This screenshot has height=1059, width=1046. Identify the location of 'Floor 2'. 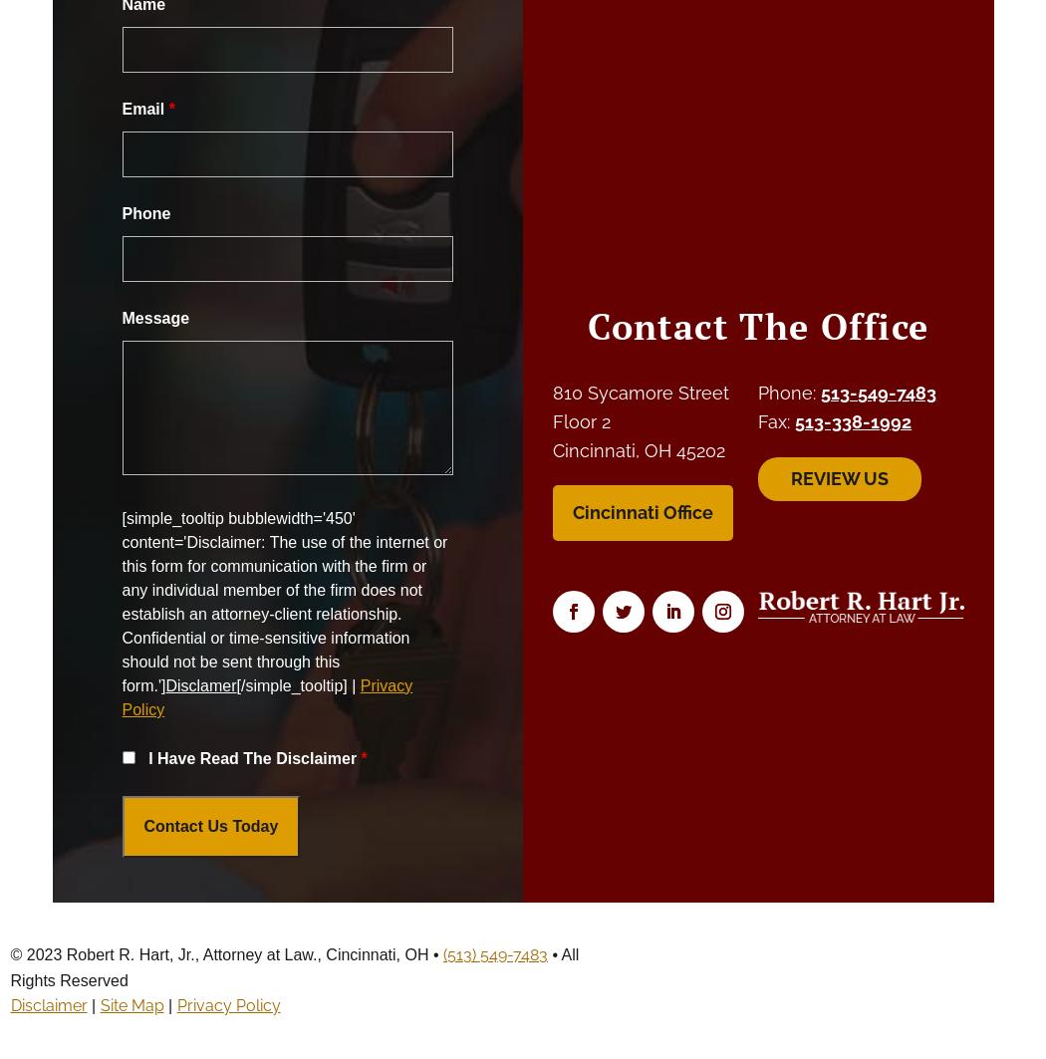
(581, 420).